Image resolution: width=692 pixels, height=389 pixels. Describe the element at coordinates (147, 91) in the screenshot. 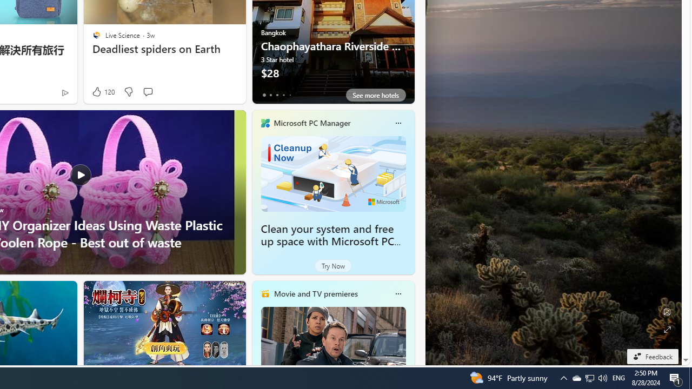

I see `'Start the conversation'` at that location.